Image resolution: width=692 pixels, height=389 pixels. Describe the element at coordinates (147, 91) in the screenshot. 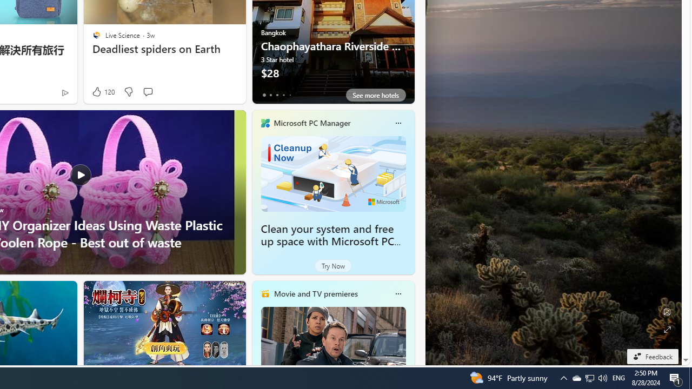

I see `'Start the conversation'` at that location.